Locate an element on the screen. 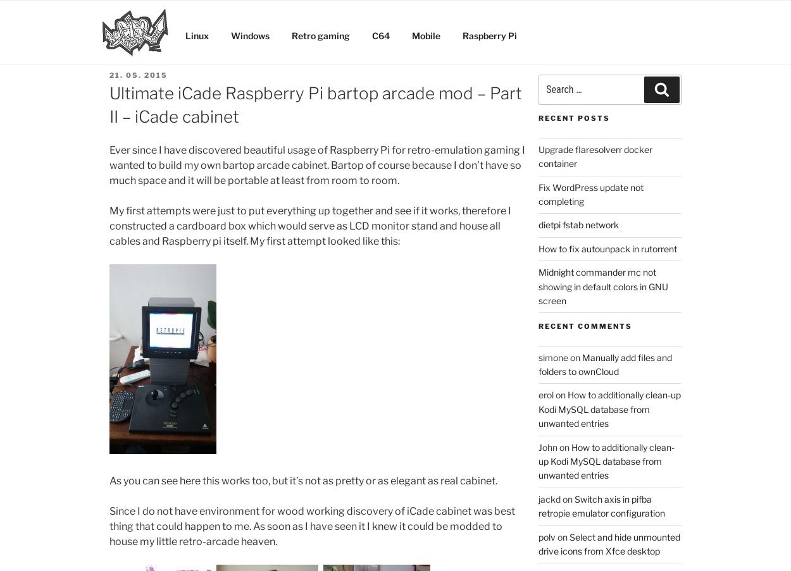 The width and height of the screenshot is (791, 571). 'erol' is located at coordinates (538, 395).